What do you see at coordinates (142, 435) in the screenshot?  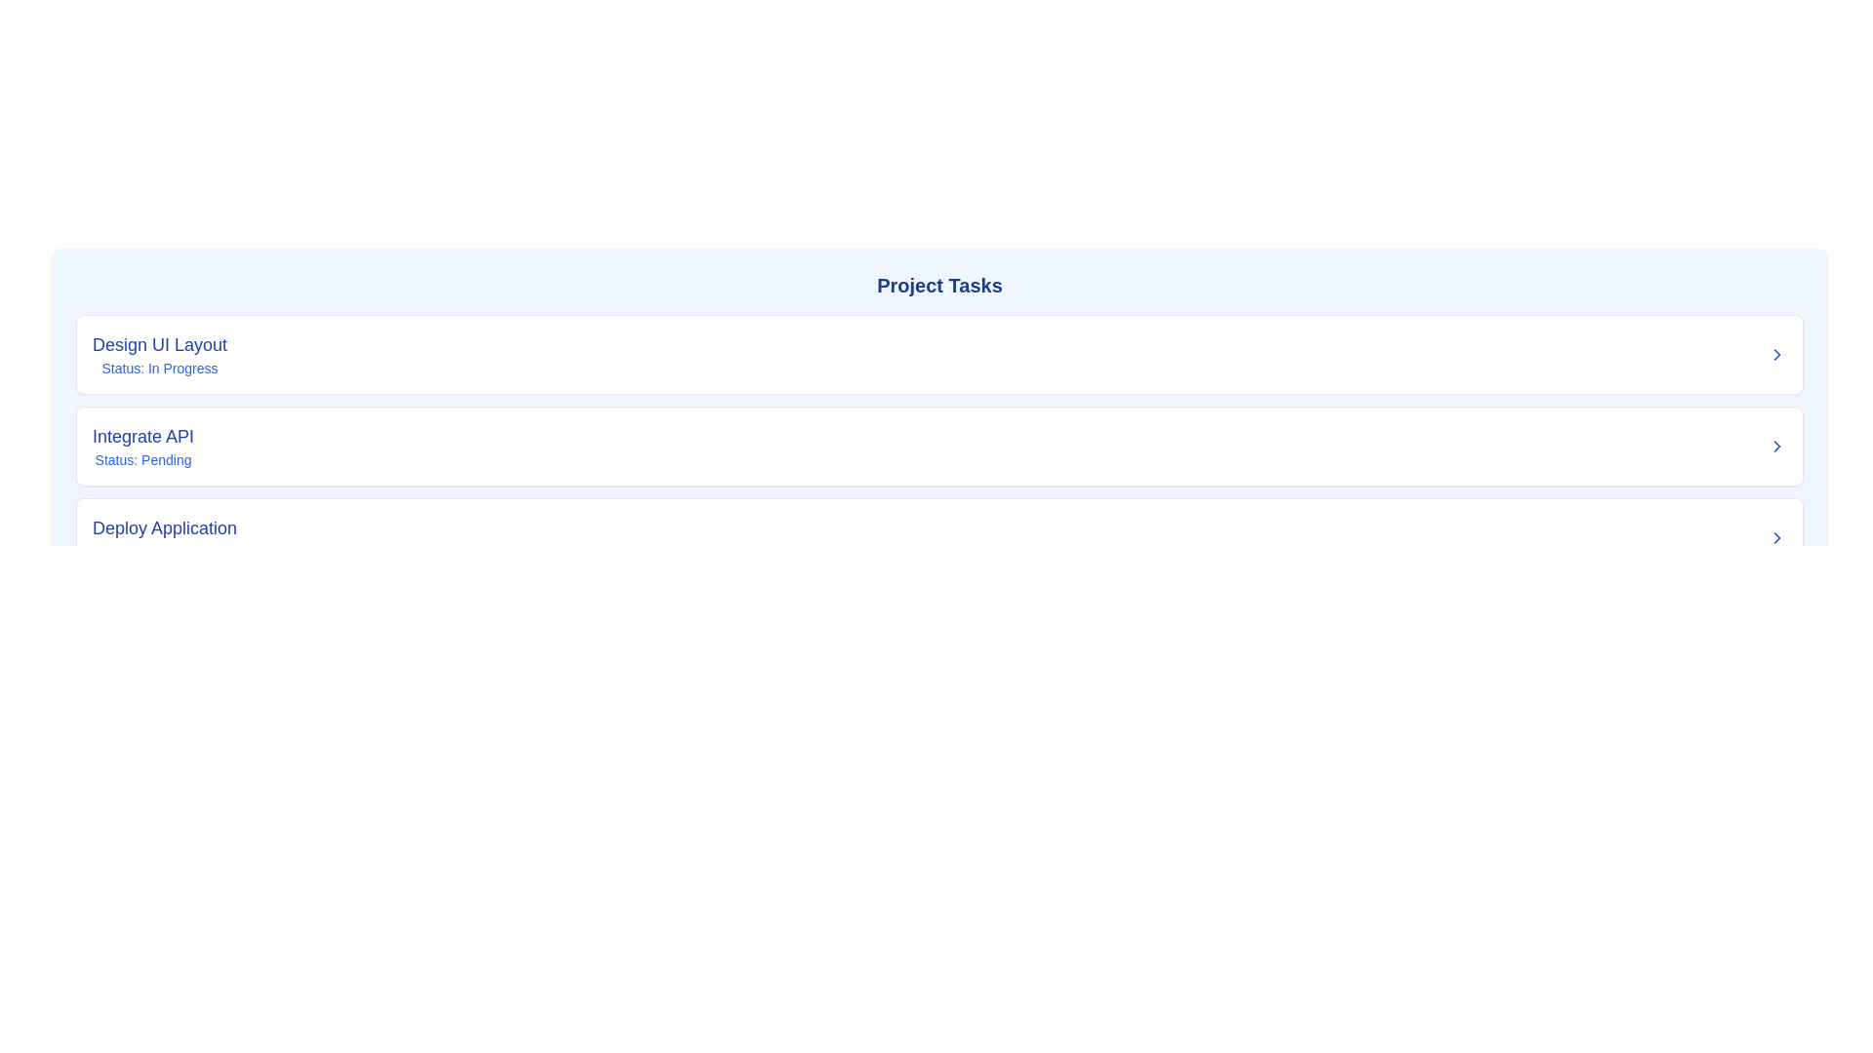 I see `the text element reading 'Integrate API'` at bounding box center [142, 435].